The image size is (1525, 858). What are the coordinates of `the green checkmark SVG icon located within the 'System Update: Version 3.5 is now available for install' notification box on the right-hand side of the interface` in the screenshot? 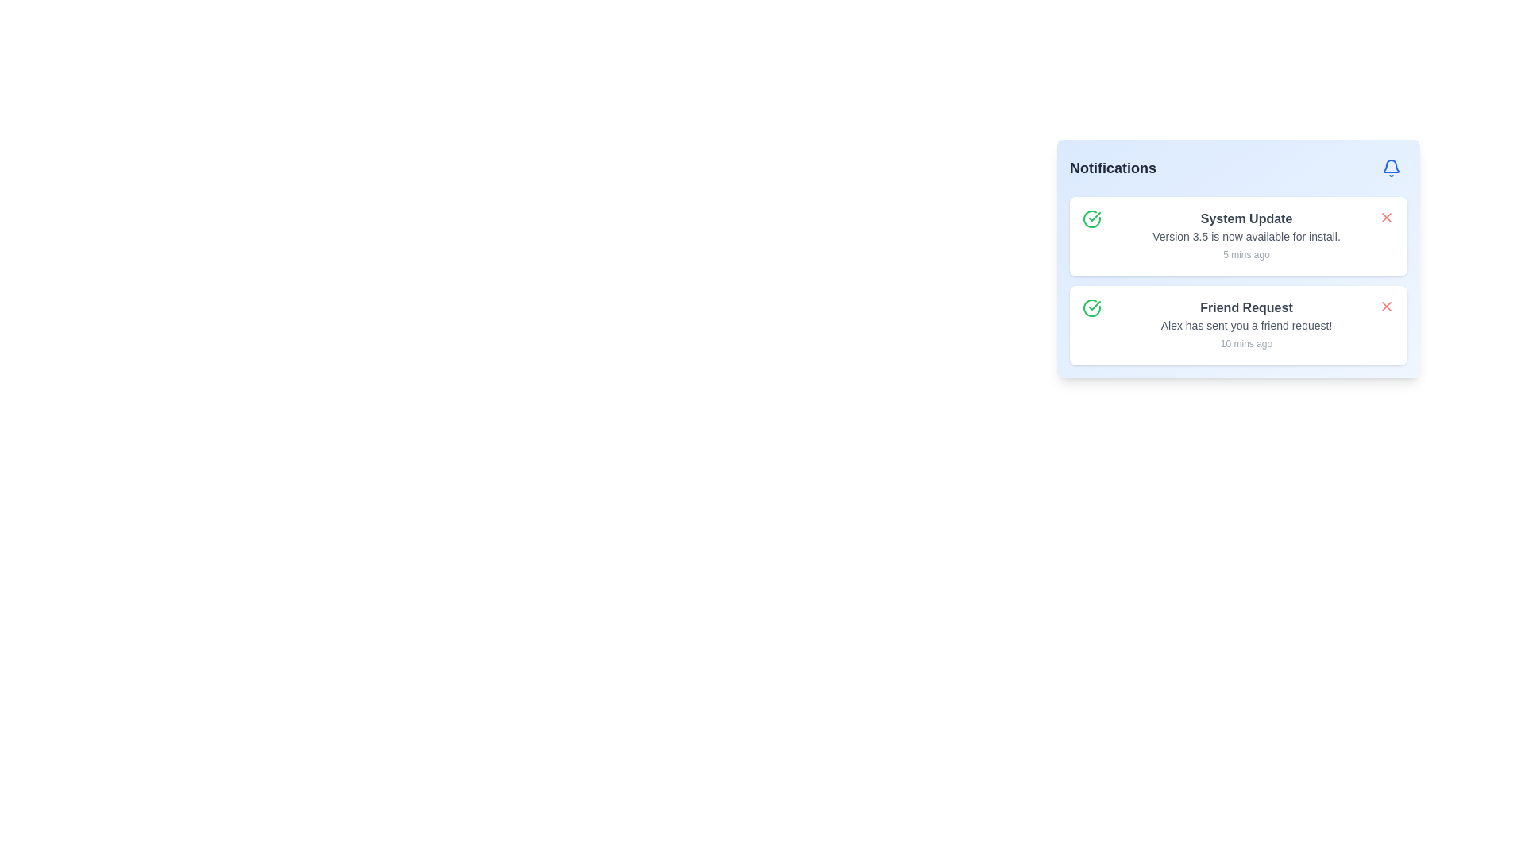 It's located at (1094, 306).